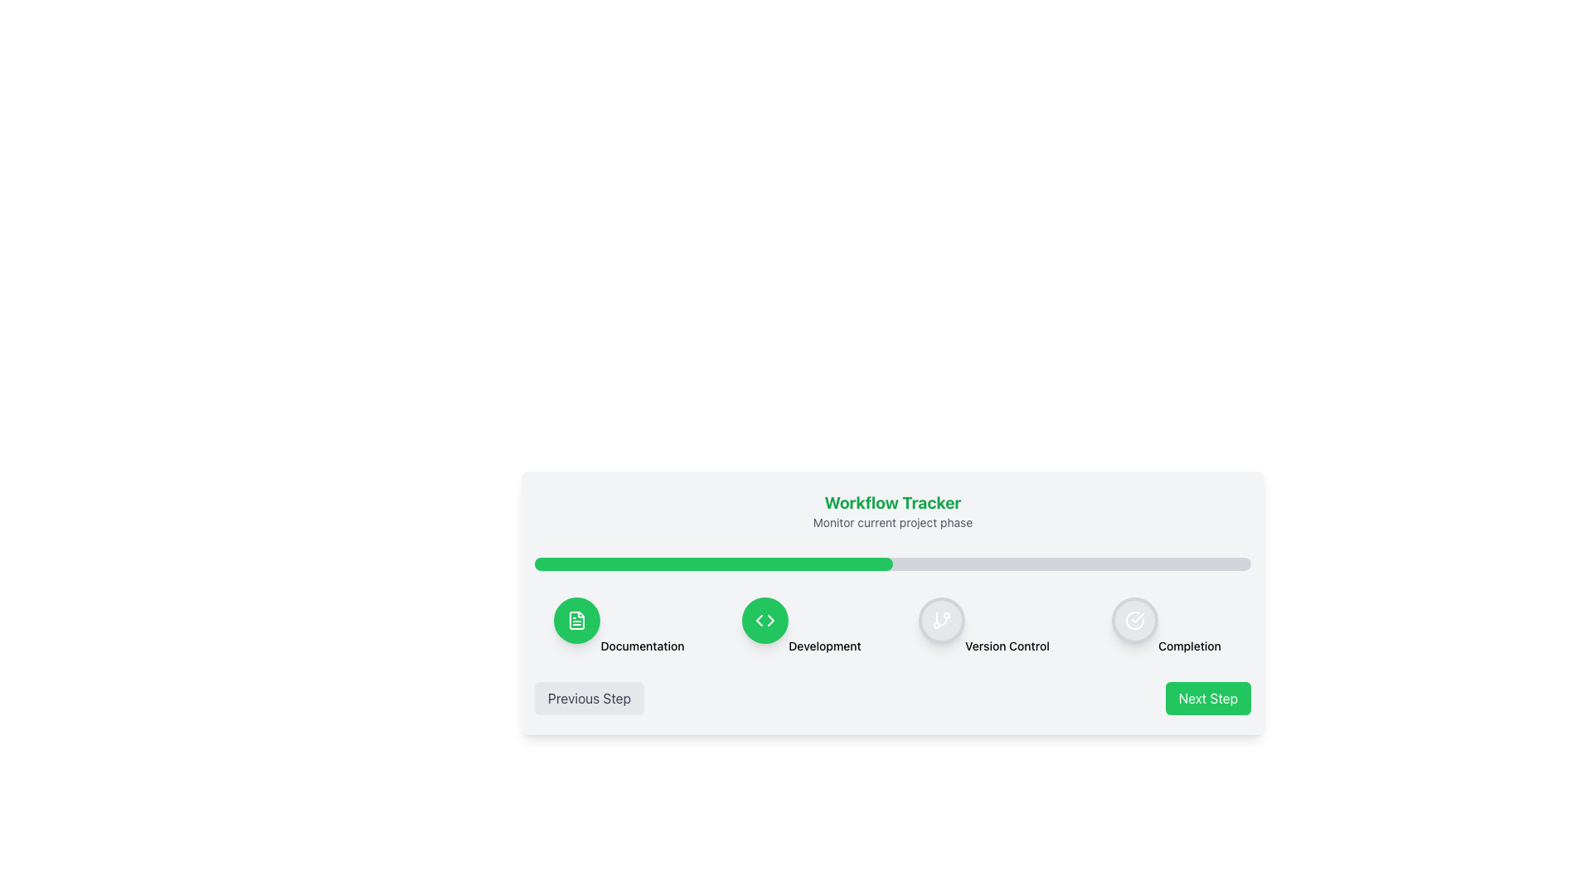 The image size is (1592, 895). Describe the element at coordinates (764, 620) in the screenshot. I see `the state of the 'Development' button in the workflow tracker, which is positioned between 'Documentation' and 'Version Control'` at that location.